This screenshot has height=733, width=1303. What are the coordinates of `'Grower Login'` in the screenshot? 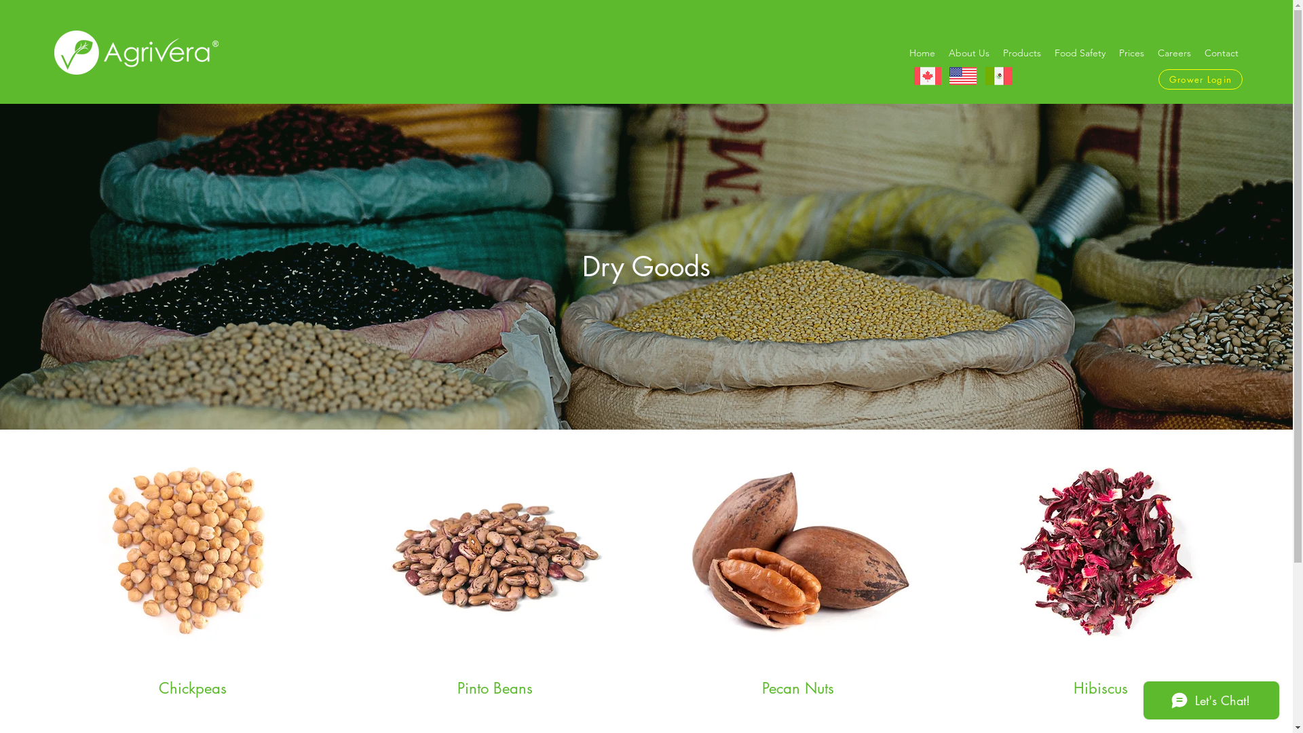 It's located at (1201, 79).